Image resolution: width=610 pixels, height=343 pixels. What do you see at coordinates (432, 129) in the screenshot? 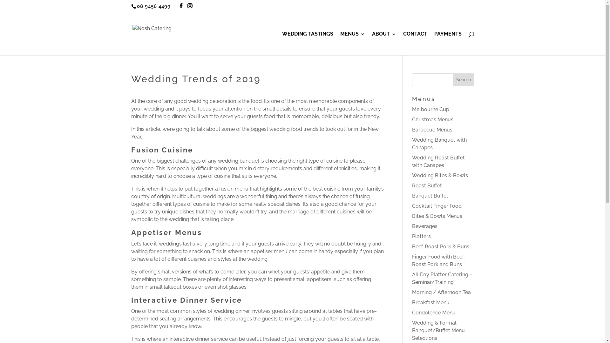
I see `'Barbecue Menus'` at bounding box center [432, 129].